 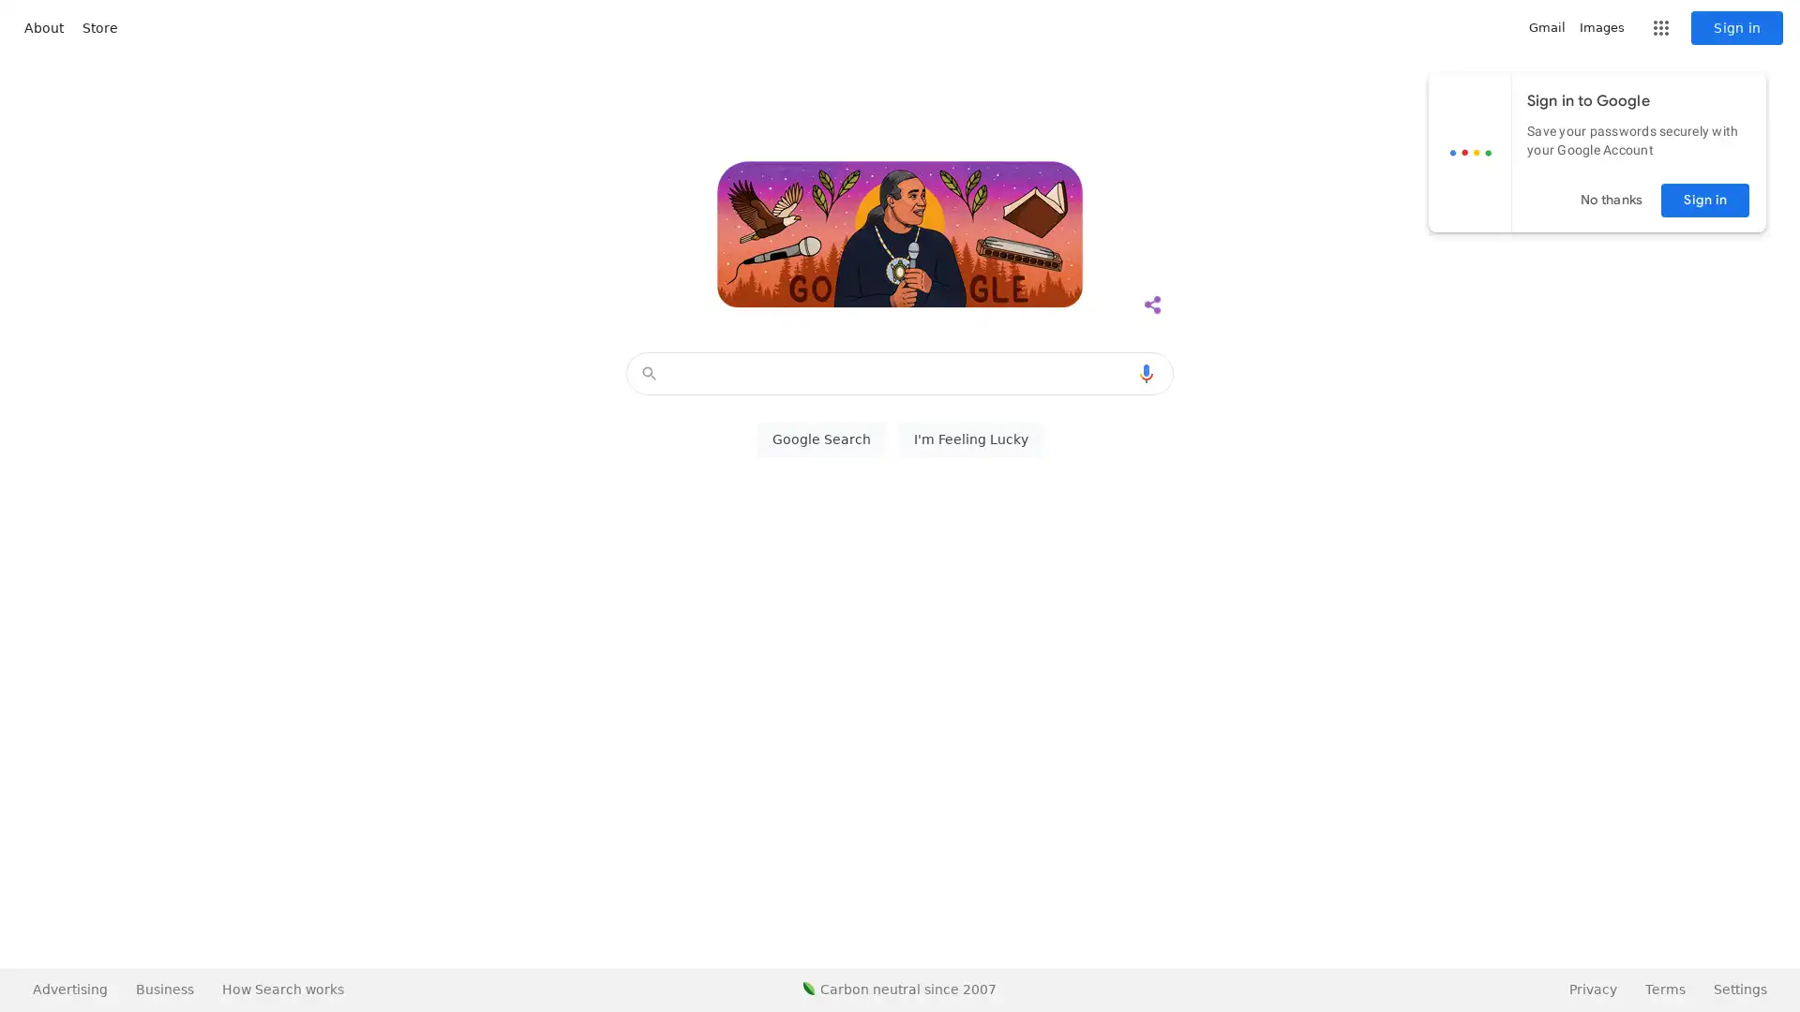 What do you see at coordinates (1151, 305) in the screenshot?
I see `Share` at bounding box center [1151, 305].